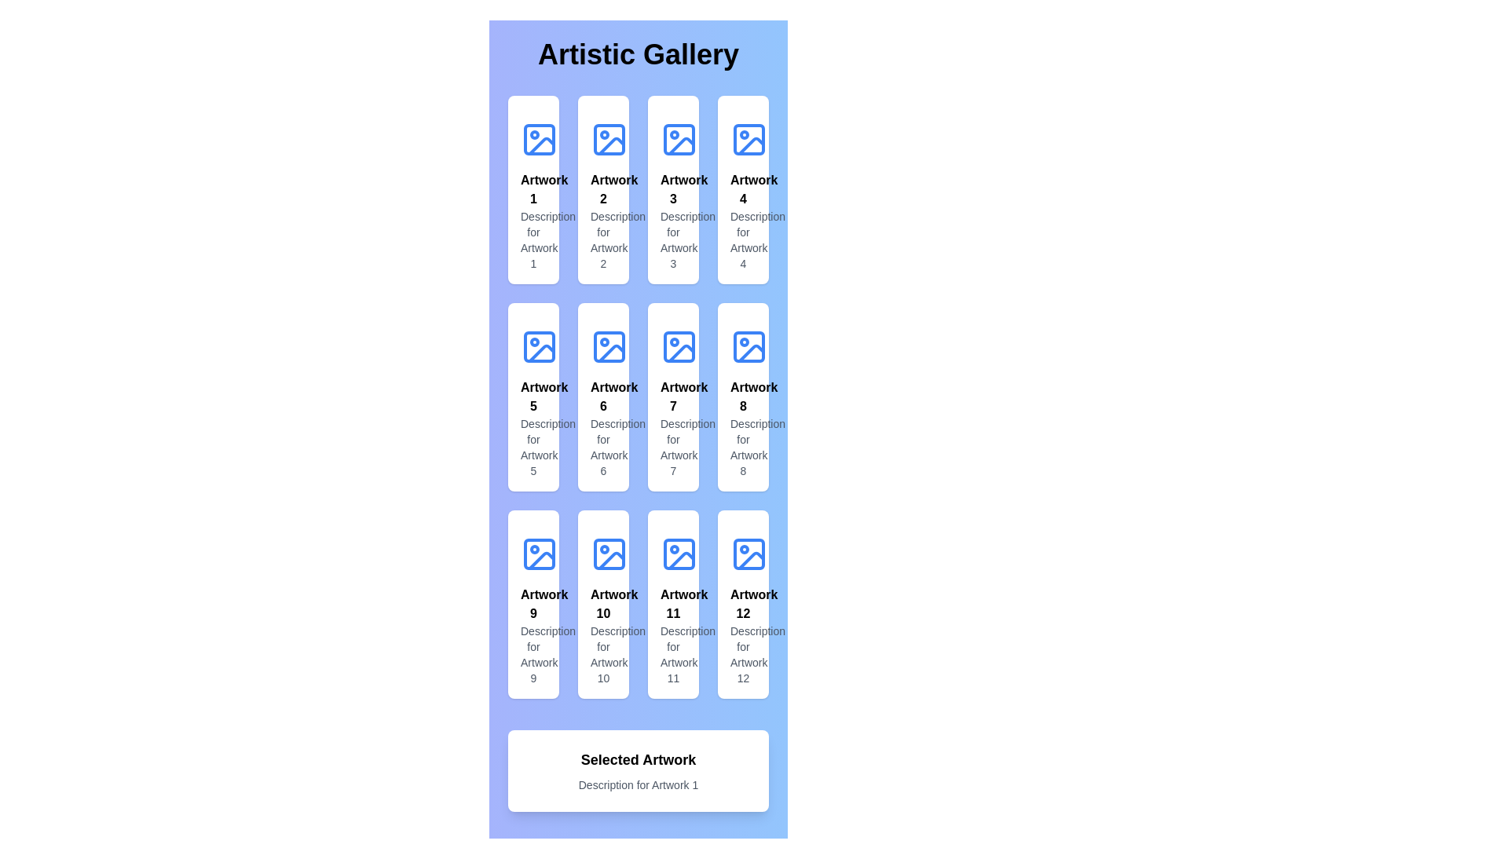  Describe the element at coordinates (673, 396) in the screenshot. I see `the text label that serves as the title for 'Artwork 7', located in the second row and third column of a 4-by-3 grid layout, directly above the description text and below an image icon` at that location.